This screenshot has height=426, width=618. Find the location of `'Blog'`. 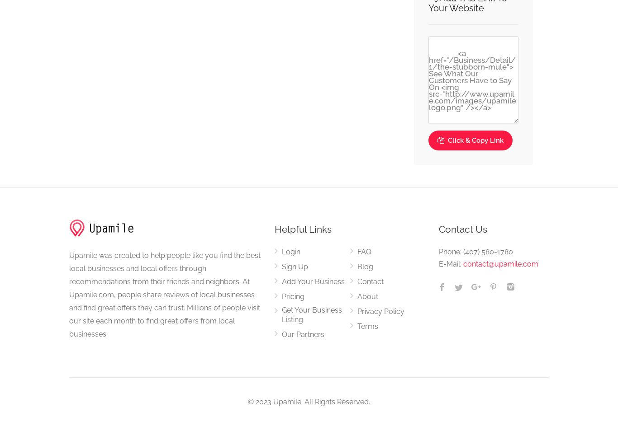

'Blog' is located at coordinates (364, 266).